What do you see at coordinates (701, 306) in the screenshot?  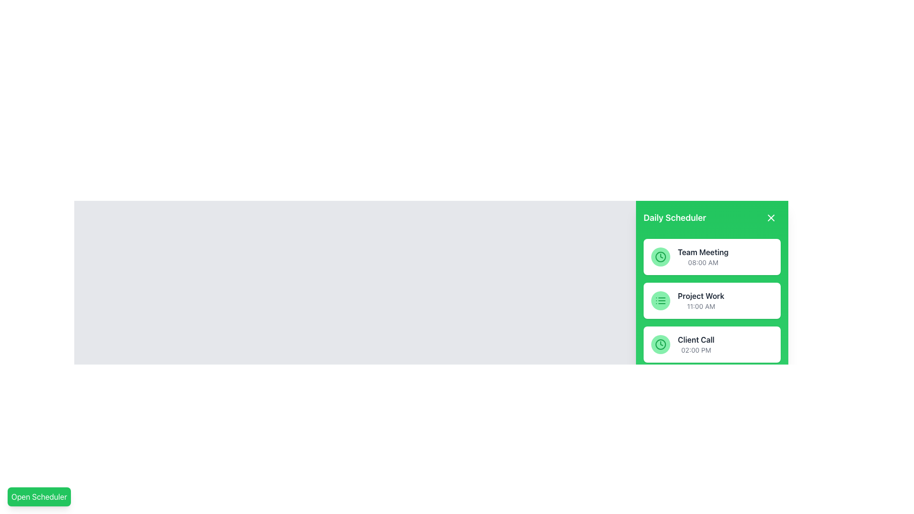 I see `text content of the informational Text label indicating the scheduled time for the 'Project Work' entry, located under the 'Daily Scheduler' section` at bounding box center [701, 306].